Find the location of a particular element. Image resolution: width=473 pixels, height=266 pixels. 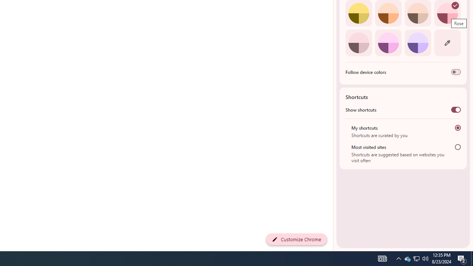

'Violet' is located at coordinates (418, 42).